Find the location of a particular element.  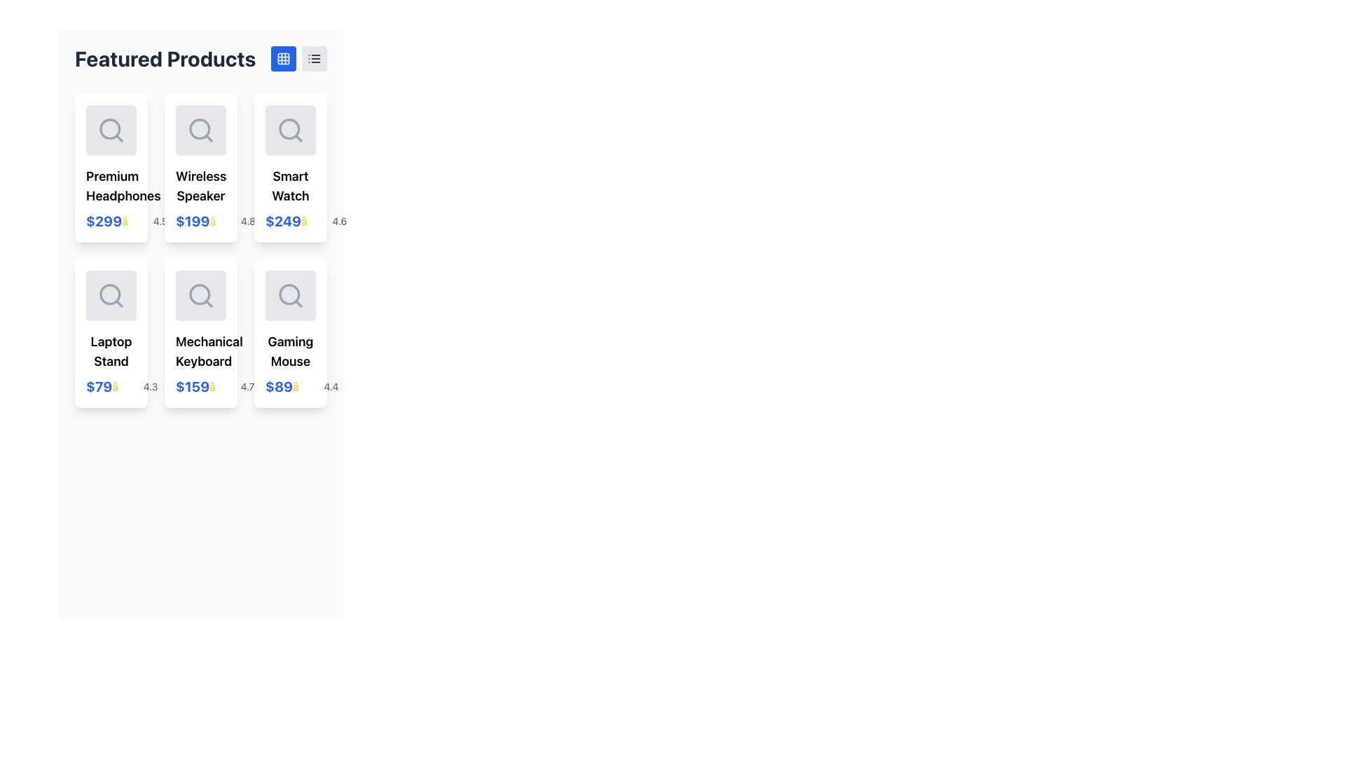

the label for the product 'Gaming Mouse' located in the fourth item of the second row in the product list grid, positioned above the price and rating information is located at coordinates (289, 350).